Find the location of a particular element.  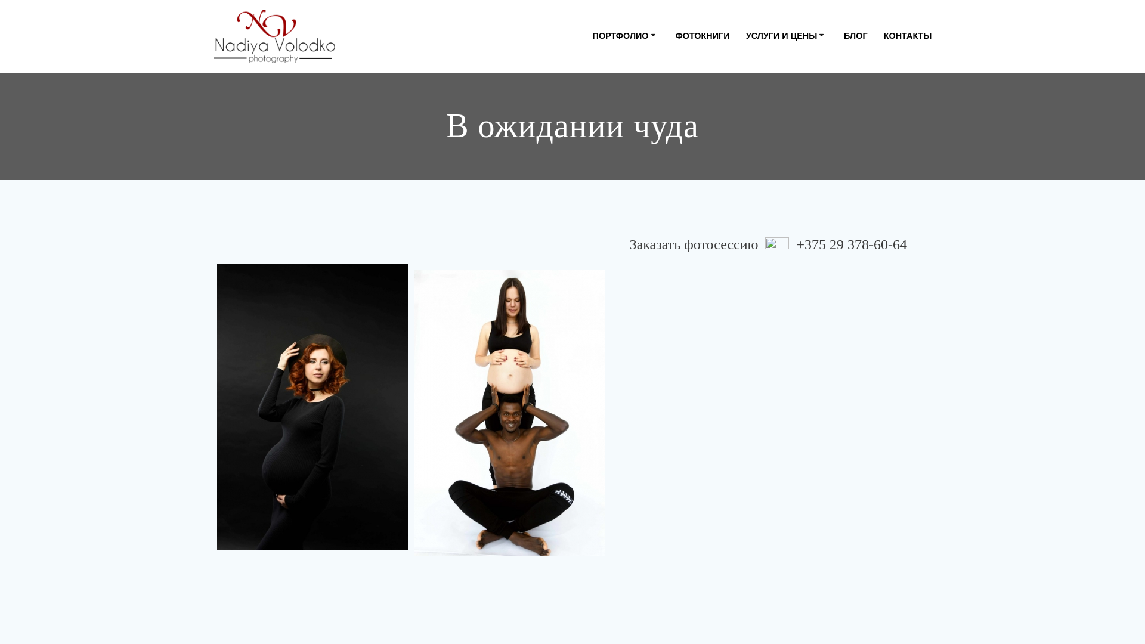

'2-1' is located at coordinates (312, 406).